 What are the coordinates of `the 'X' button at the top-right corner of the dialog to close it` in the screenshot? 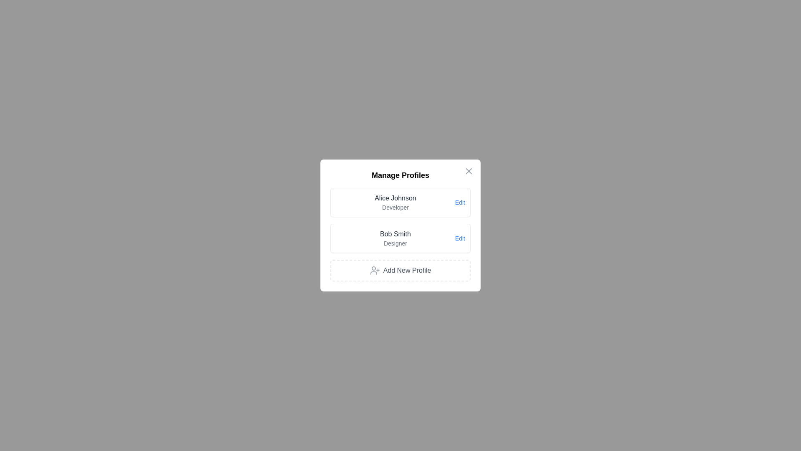 It's located at (469, 170).